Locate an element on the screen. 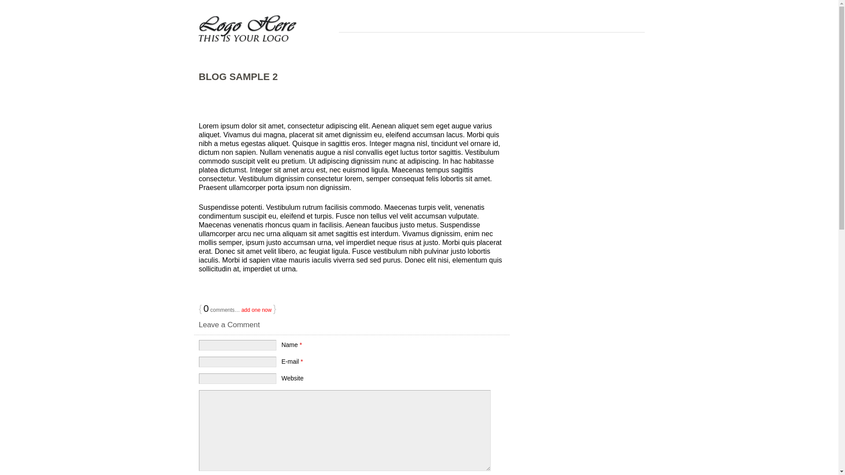 This screenshot has width=845, height=475. 'add one now' is located at coordinates (256, 310).